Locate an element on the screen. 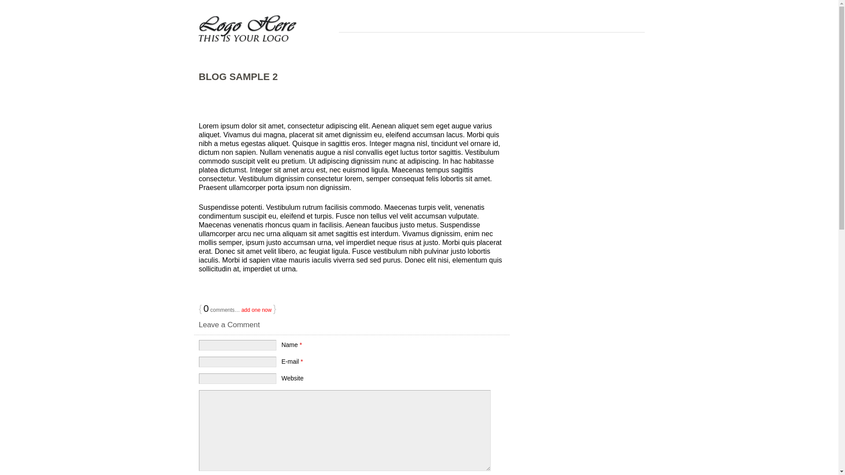 This screenshot has width=845, height=475. 'add one now' is located at coordinates (256, 310).